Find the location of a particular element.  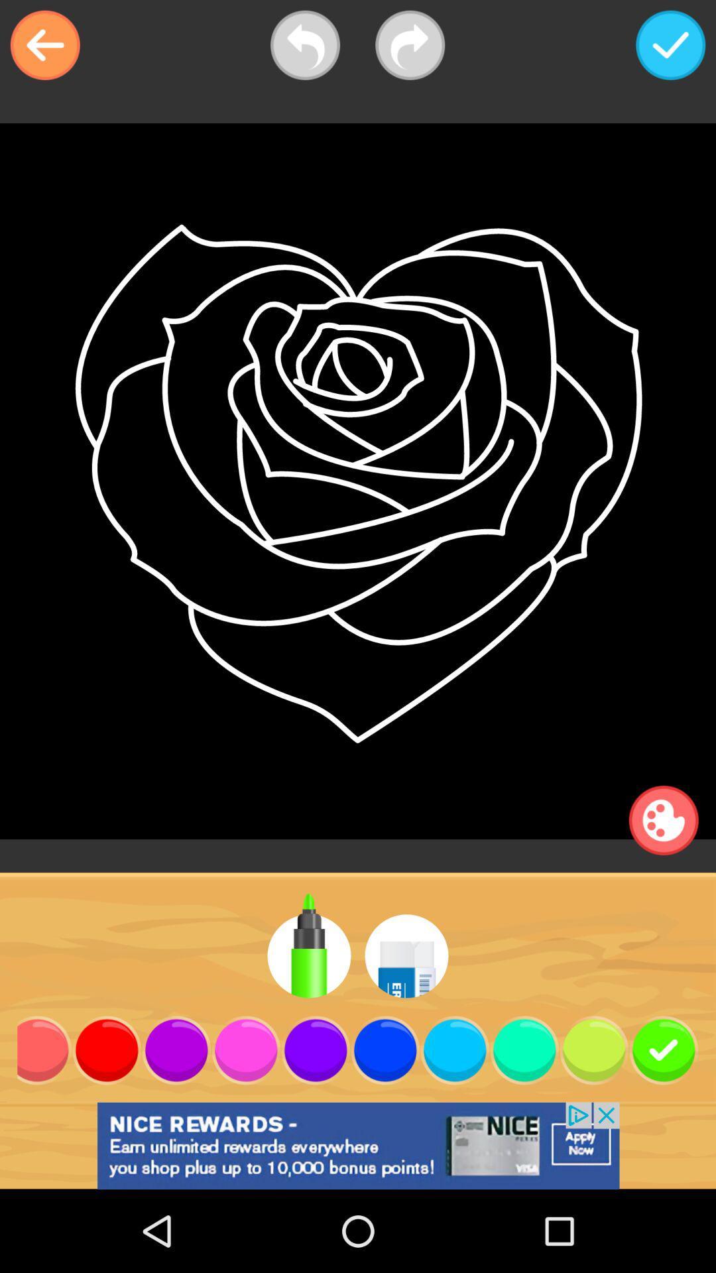

the redo icon is located at coordinates (409, 45).